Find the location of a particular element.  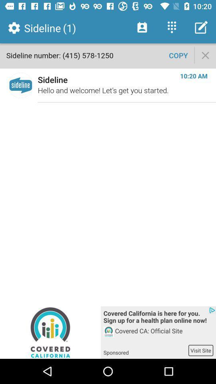

app above the sponsored item is located at coordinates (164, 335).